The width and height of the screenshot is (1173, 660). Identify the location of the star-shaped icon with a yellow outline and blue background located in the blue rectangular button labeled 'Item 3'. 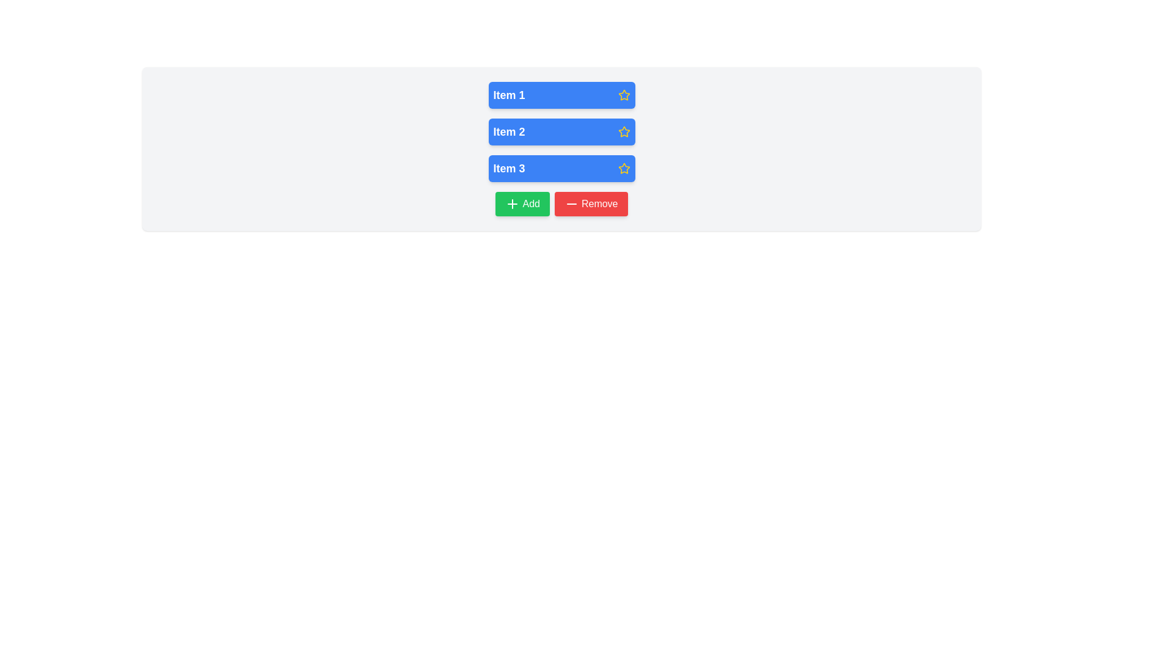
(624, 168).